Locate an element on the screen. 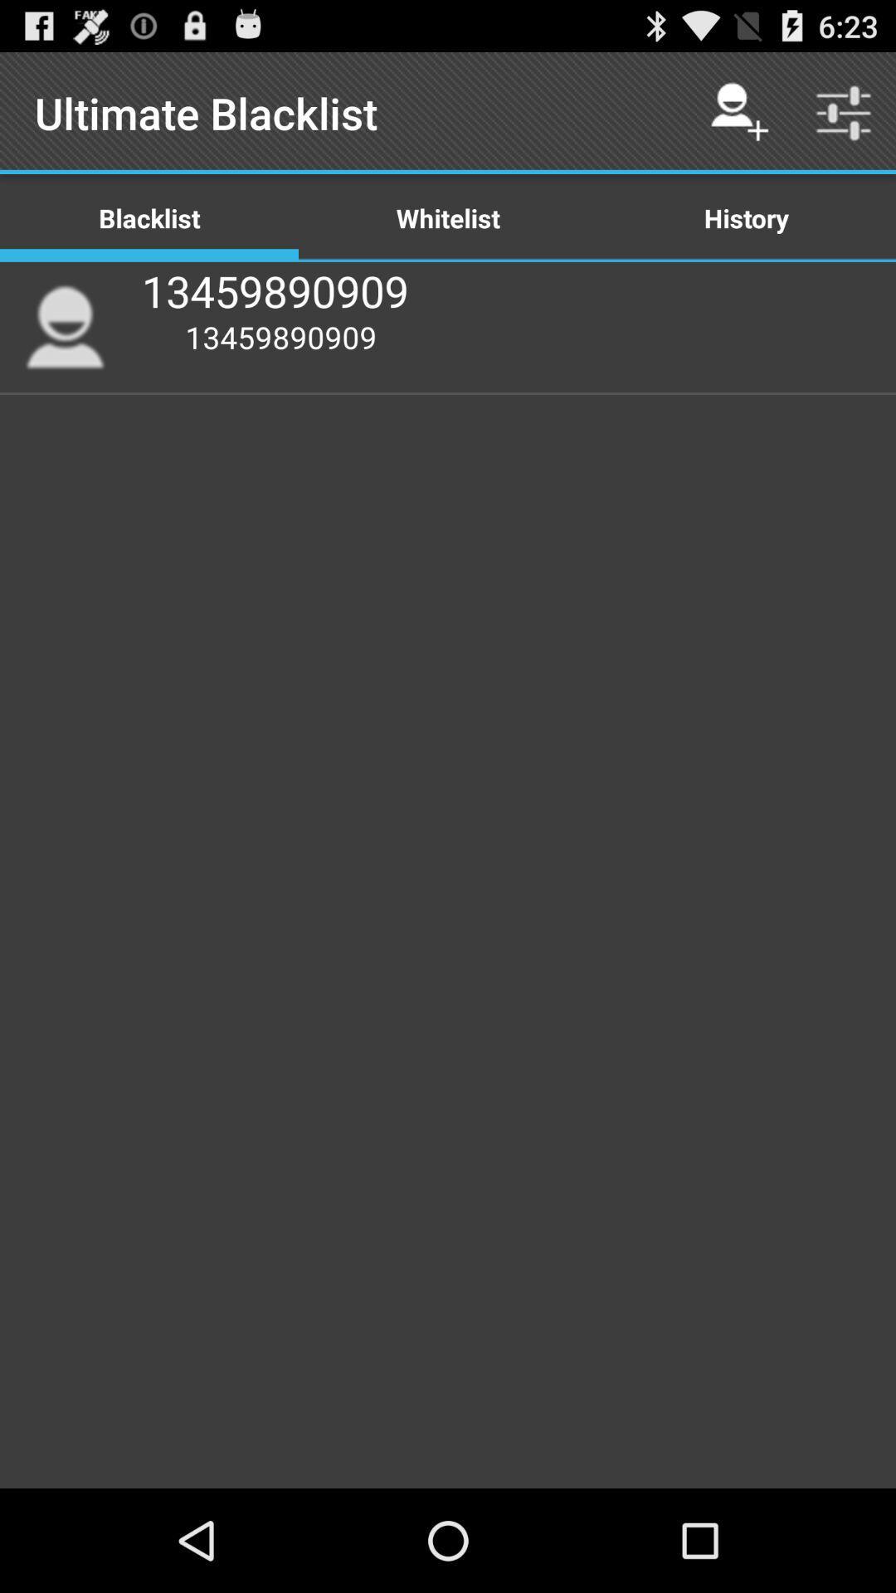 This screenshot has width=896, height=1593. the item next to whitelist is located at coordinates (738, 112).